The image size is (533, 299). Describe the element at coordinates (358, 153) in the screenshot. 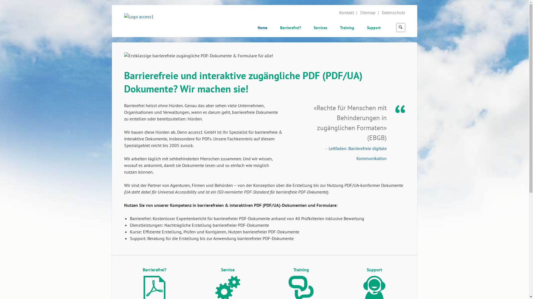

I see `'Leitfaden: Barrierefreie digitale Kommunikation'` at that location.